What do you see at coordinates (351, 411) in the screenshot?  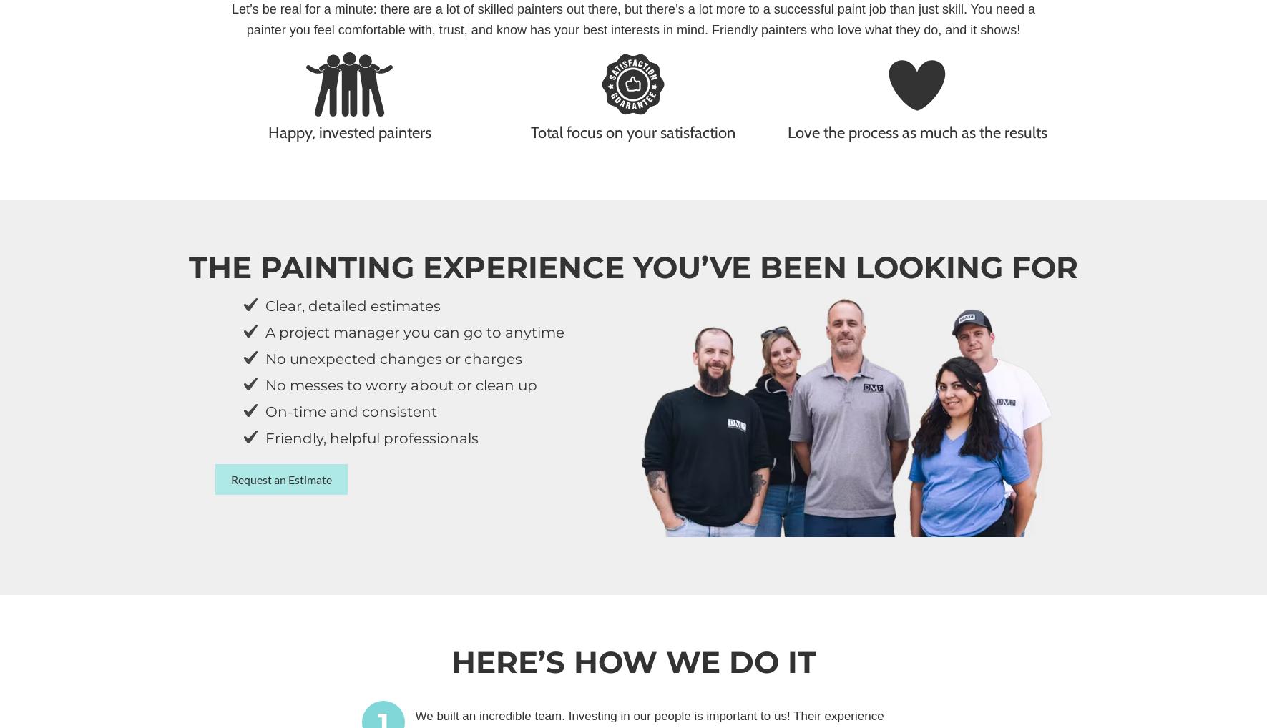 I see `'On-time and consistent'` at bounding box center [351, 411].